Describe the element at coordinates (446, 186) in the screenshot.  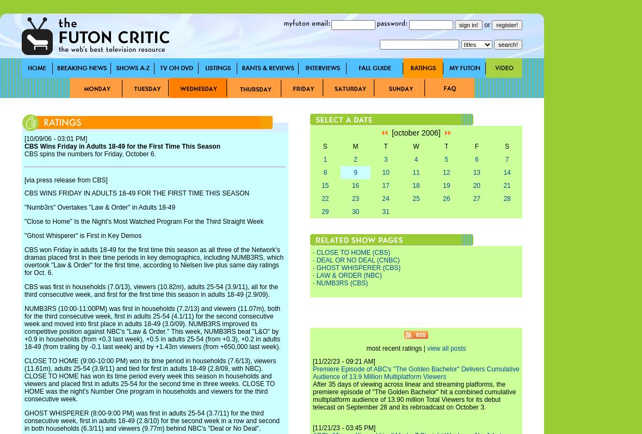
I see `'19'` at that location.